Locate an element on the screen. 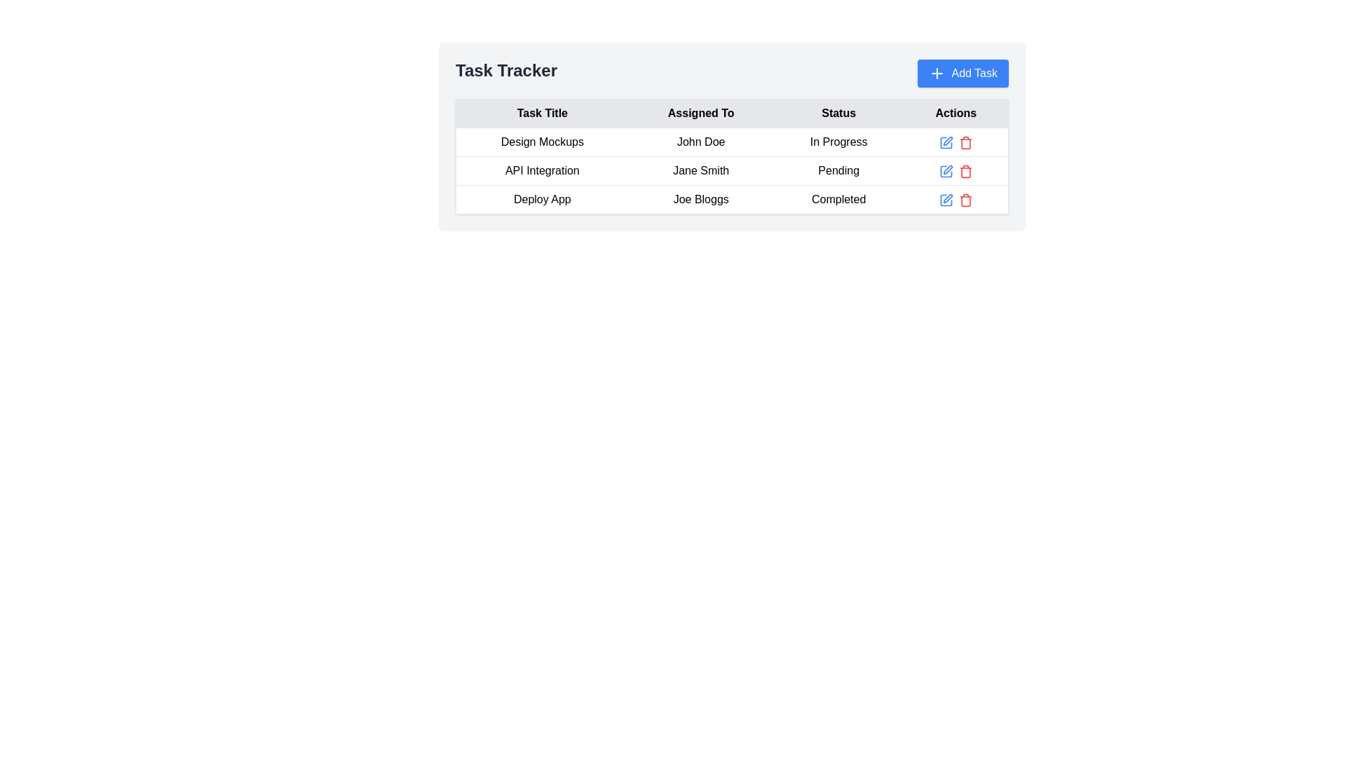 This screenshot has width=1346, height=757. the 'Edit' button icon in the 'Actions' column of the last row of the task table is located at coordinates (946, 200).